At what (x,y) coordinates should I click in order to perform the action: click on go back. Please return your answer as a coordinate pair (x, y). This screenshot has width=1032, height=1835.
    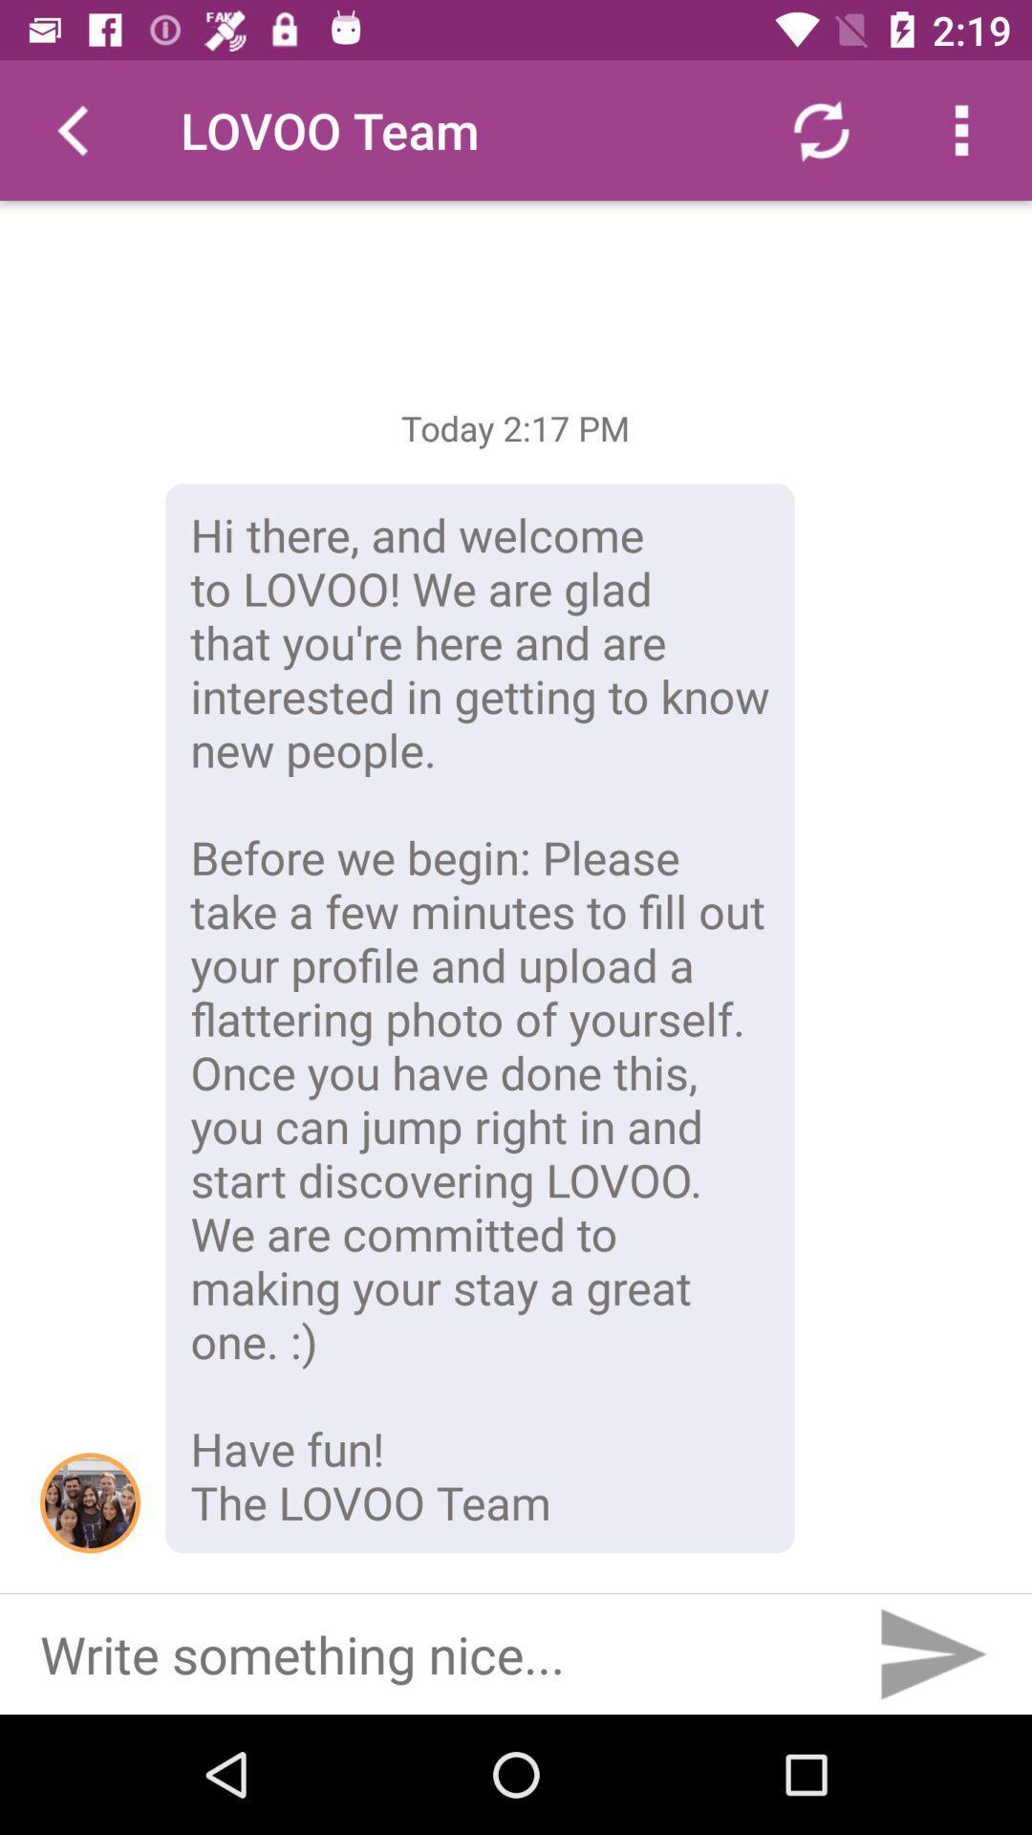
    Looking at the image, I should click on (69, 129).